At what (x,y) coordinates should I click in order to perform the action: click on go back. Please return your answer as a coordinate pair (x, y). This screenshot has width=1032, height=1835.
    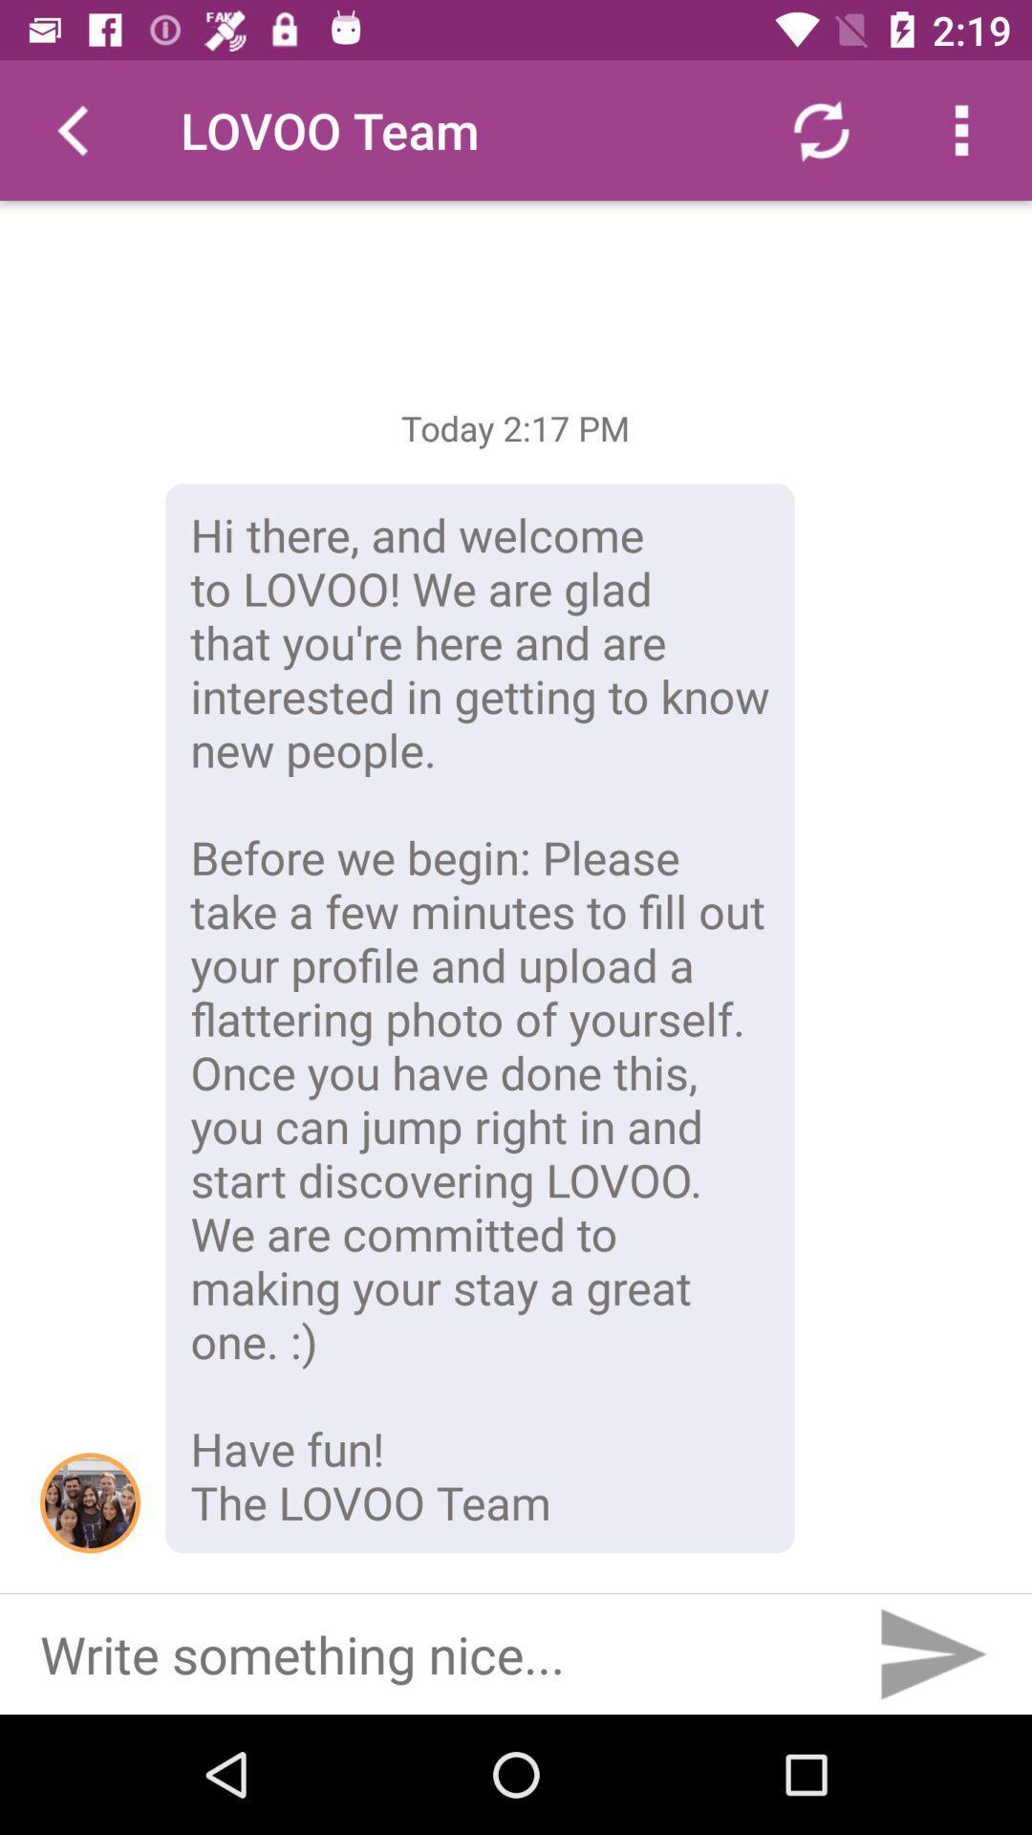
    Looking at the image, I should click on (69, 129).